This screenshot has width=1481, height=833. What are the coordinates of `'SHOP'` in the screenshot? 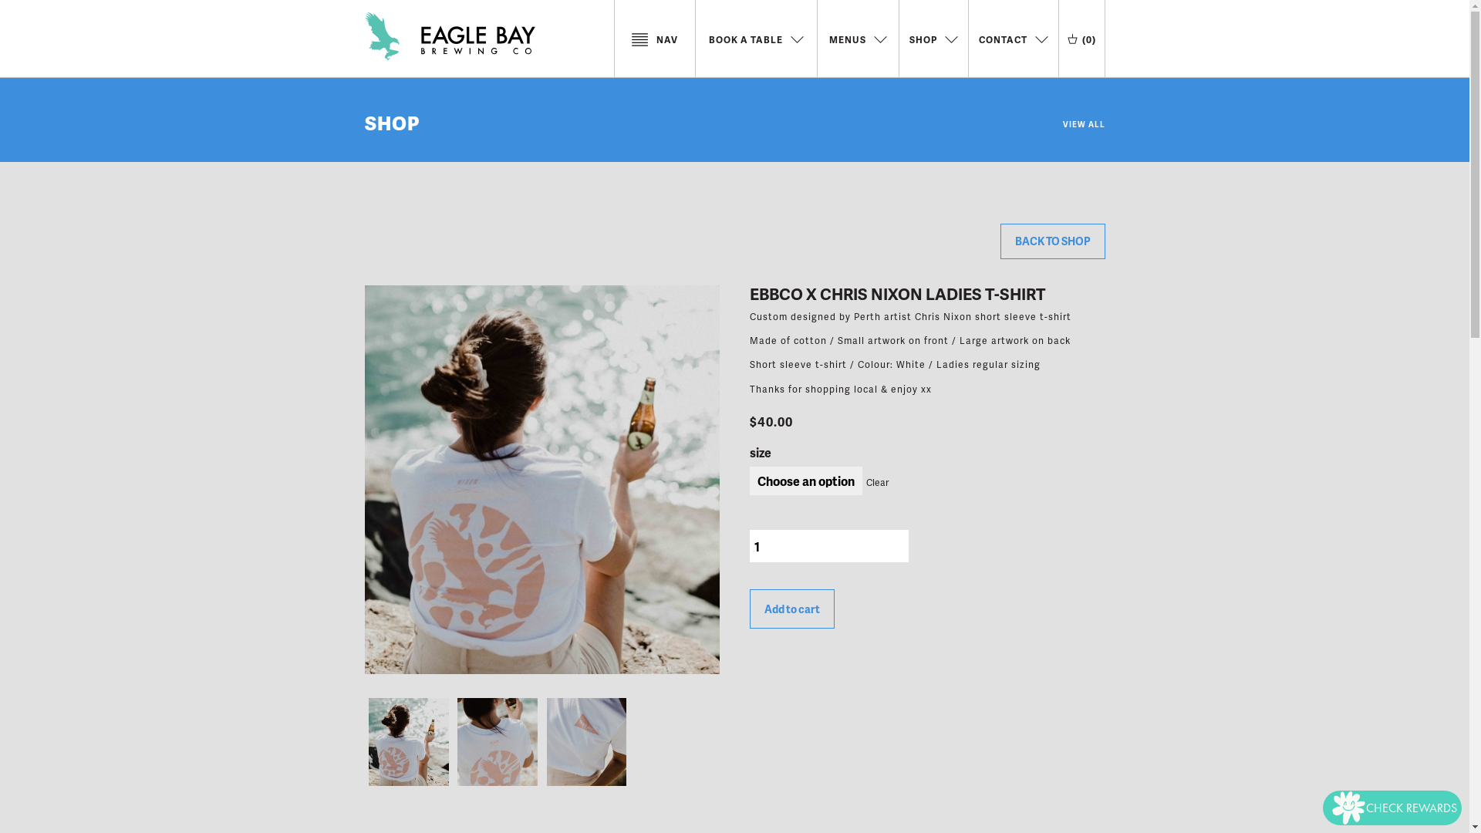 It's located at (363, 121).